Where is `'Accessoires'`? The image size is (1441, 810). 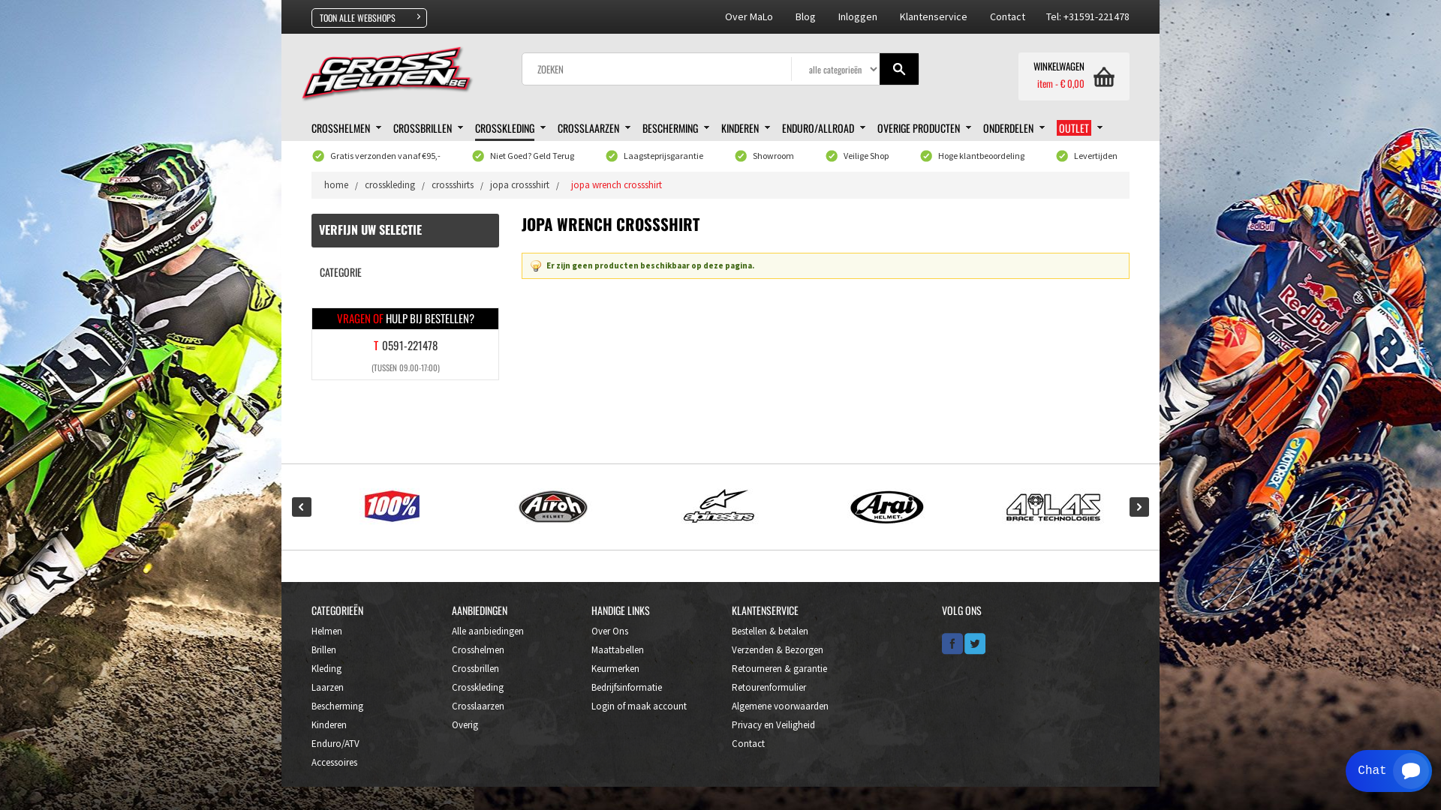 'Accessoires' is located at coordinates (333, 762).